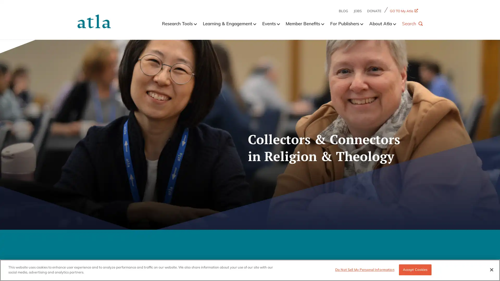  What do you see at coordinates (412, 23) in the screenshot?
I see `Search` at bounding box center [412, 23].